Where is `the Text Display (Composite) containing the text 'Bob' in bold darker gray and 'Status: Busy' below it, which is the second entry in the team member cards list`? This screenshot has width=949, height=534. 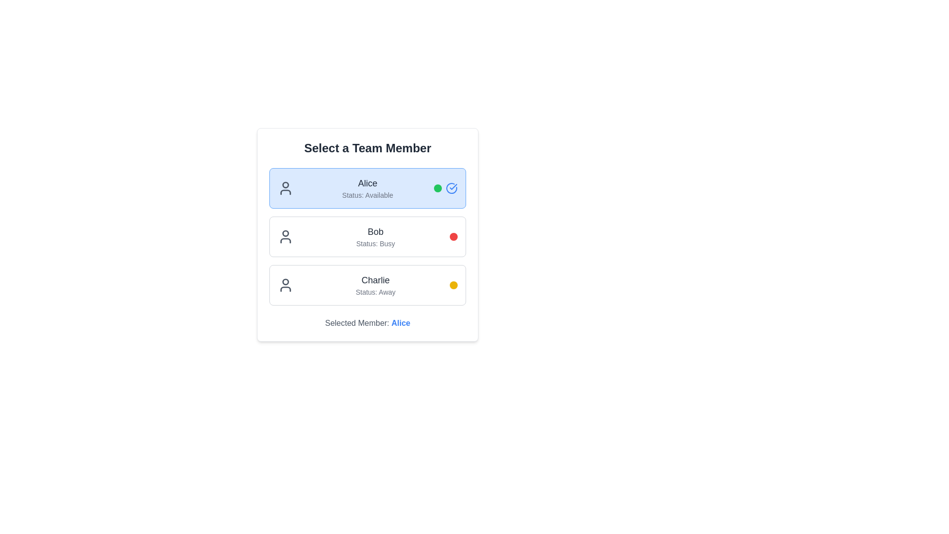 the Text Display (Composite) containing the text 'Bob' in bold darker gray and 'Status: Busy' below it, which is the second entry in the team member cards list is located at coordinates (375, 236).